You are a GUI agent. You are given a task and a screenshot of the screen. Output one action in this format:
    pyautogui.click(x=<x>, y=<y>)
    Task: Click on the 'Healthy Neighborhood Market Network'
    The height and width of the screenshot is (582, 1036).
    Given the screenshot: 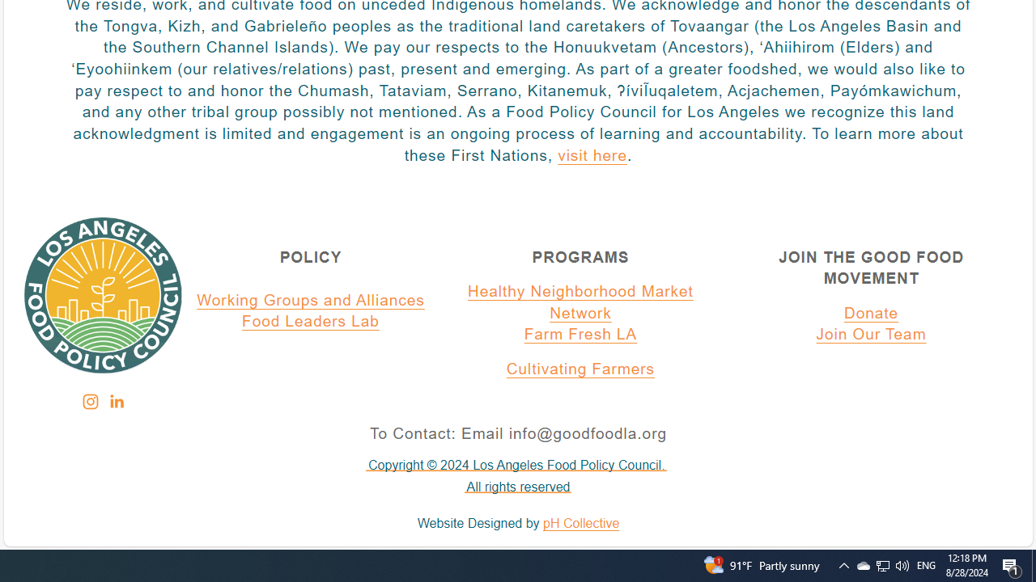 What is the action you would take?
    pyautogui.click(x=580, y=302)
    